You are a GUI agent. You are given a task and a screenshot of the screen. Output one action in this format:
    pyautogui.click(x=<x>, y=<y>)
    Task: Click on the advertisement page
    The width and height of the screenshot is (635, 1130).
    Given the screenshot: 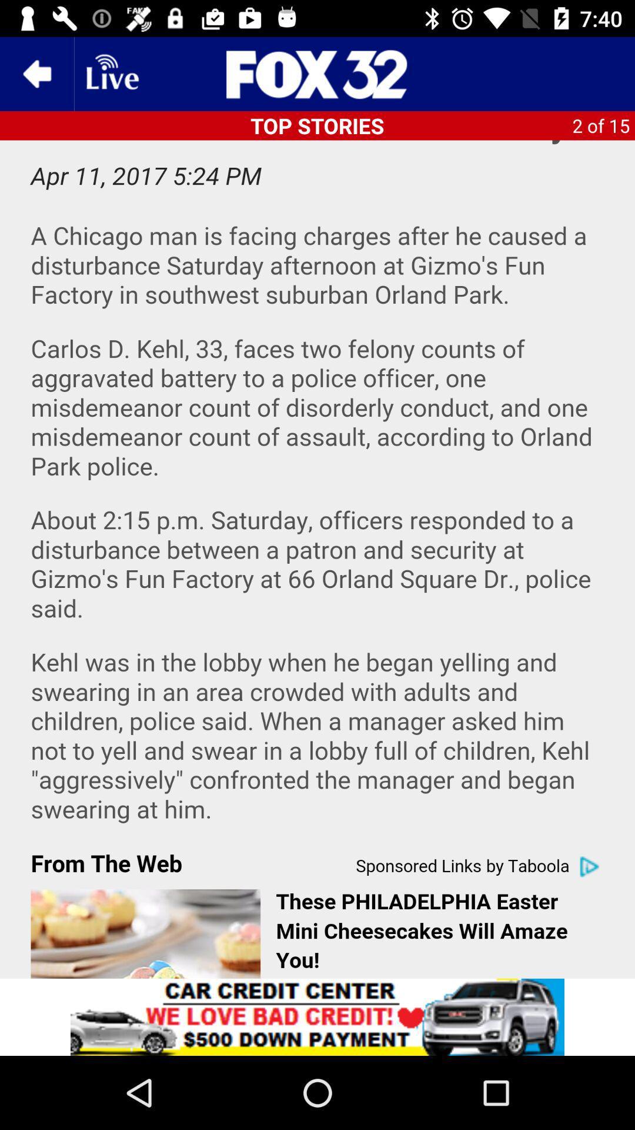 What is the action you would take?
    pyautogui.click(x=317, y=1016)
    